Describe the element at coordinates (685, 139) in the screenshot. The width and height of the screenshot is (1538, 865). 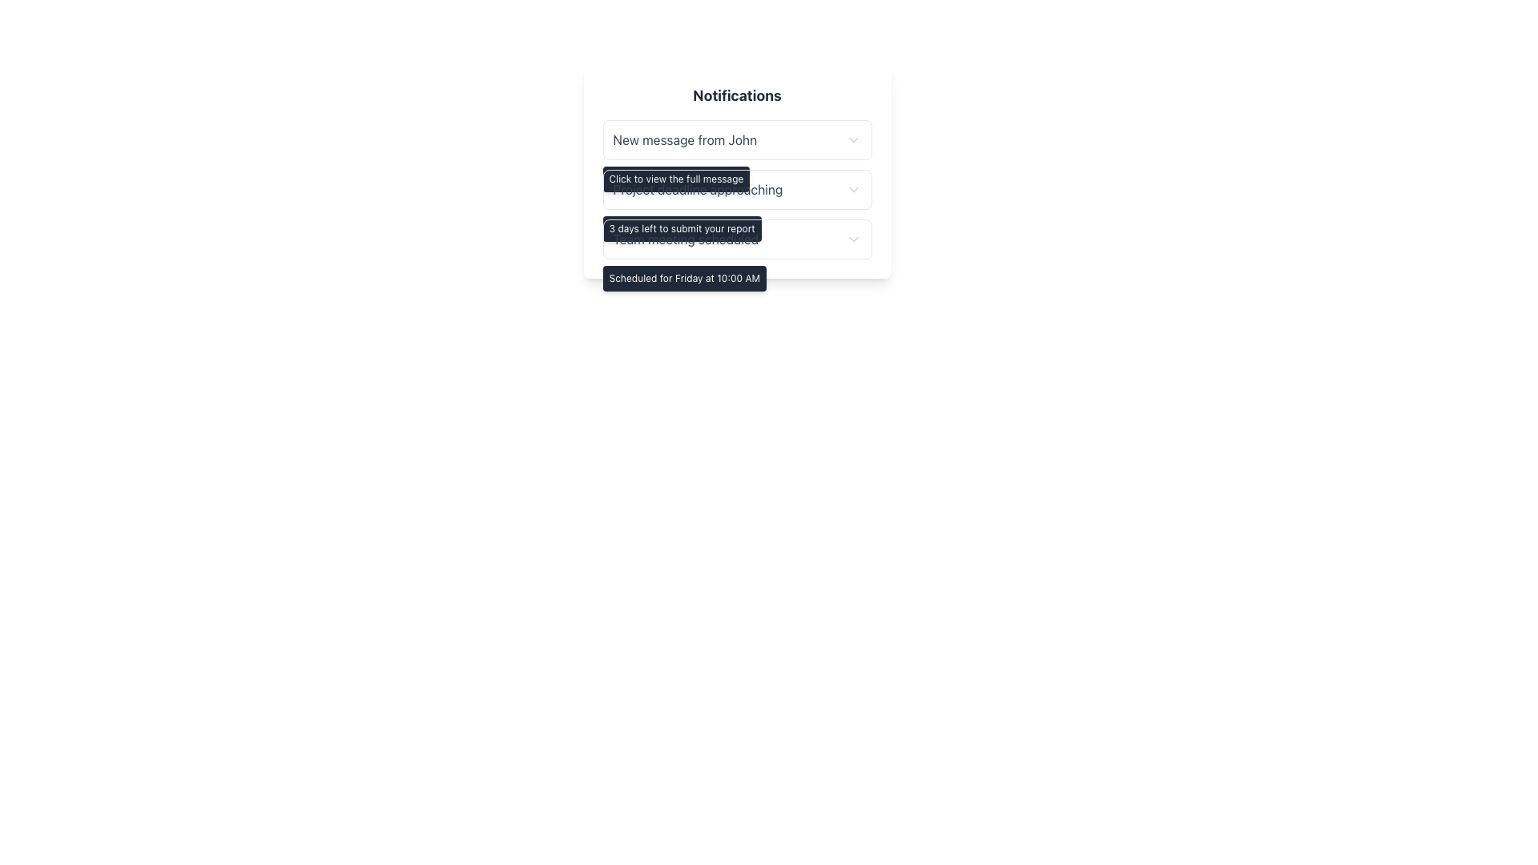
I see `the static text element that serves as the title for the first notification entry in a vertical list` at that location.